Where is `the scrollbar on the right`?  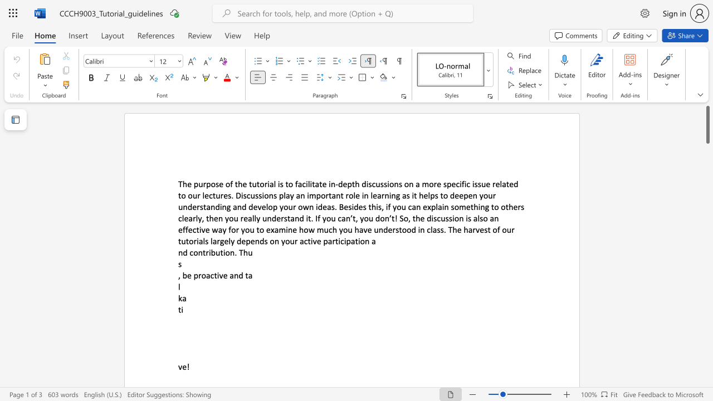
the scrollbar on the right is located at coordinates (707, 217).